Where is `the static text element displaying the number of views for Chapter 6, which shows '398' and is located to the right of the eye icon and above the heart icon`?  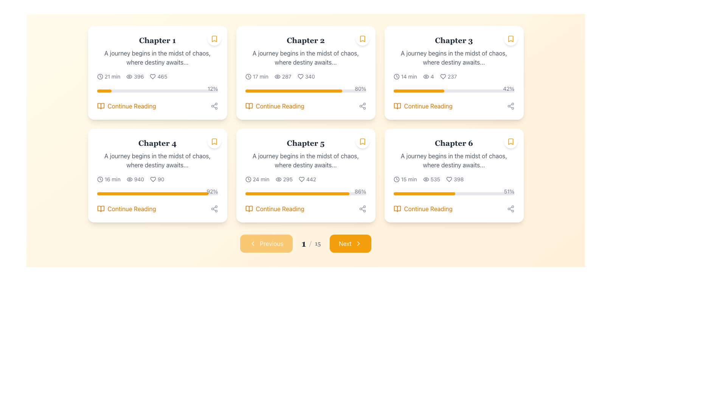
the static text element displaying the number of views for Chapter 6, which shows '398' and is located to the right of the eye icon and above the heart icon is located at coordinates (435, 179).